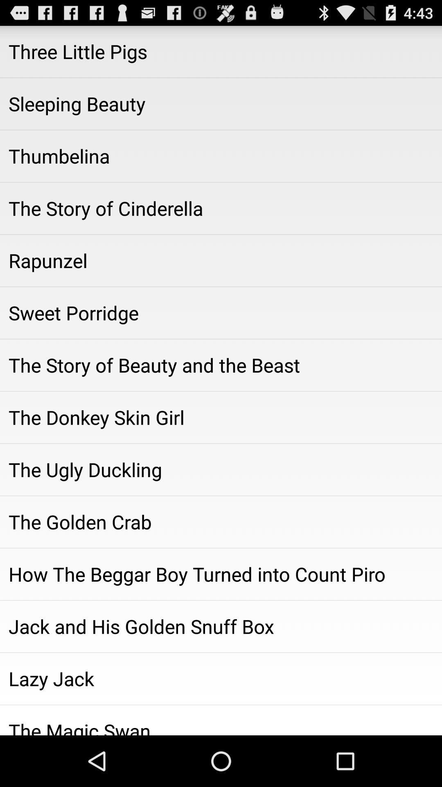 The width and height of the screenshot is (442, 787). What do you see at coordinates (221, 156) in the screenshot?
I see `item below the sleeping beauty` at bounding box center [221, 156].